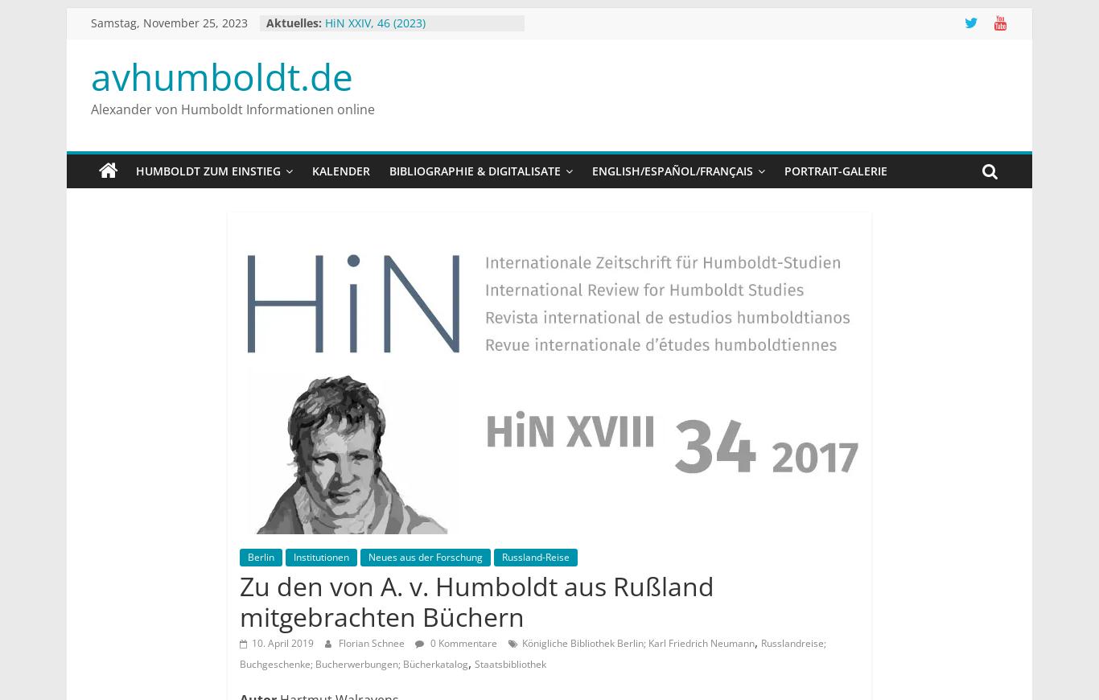 The image size is (1099, 700). What do you see at coordinates (500, 556) in the screenshot?
I see `'Russland-Reise'` at bounding box center [500, 556].